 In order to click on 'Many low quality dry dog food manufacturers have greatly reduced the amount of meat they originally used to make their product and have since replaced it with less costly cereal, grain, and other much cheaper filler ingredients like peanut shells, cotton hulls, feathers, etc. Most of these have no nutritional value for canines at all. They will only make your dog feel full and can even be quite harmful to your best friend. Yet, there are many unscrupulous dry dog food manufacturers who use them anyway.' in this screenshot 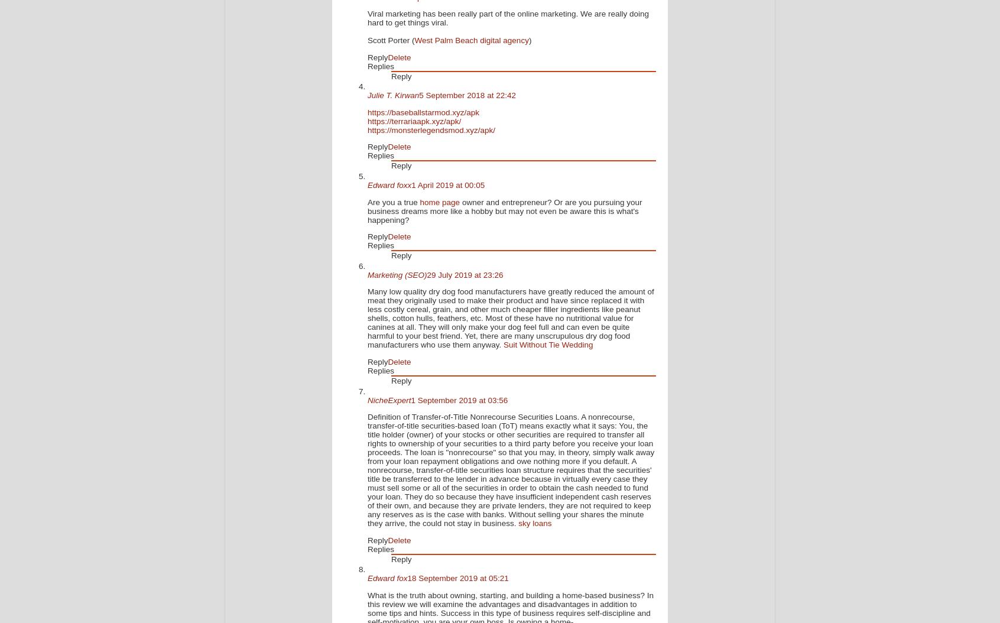, I will do `click(366, 318)`.